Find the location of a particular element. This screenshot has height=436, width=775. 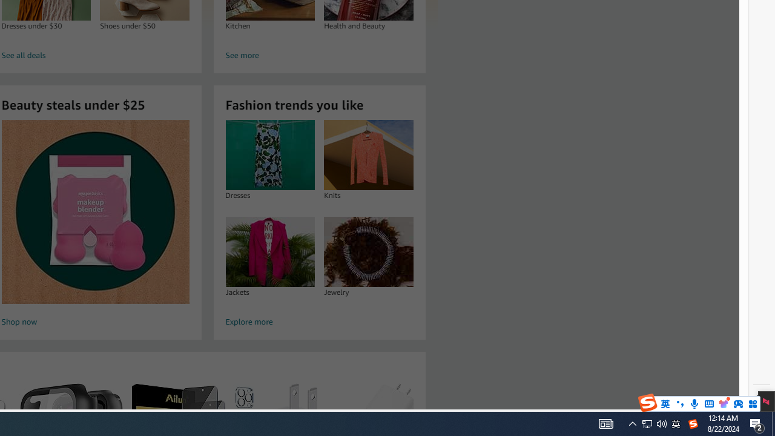

'Jackets' is located at coordinates (269, 251).